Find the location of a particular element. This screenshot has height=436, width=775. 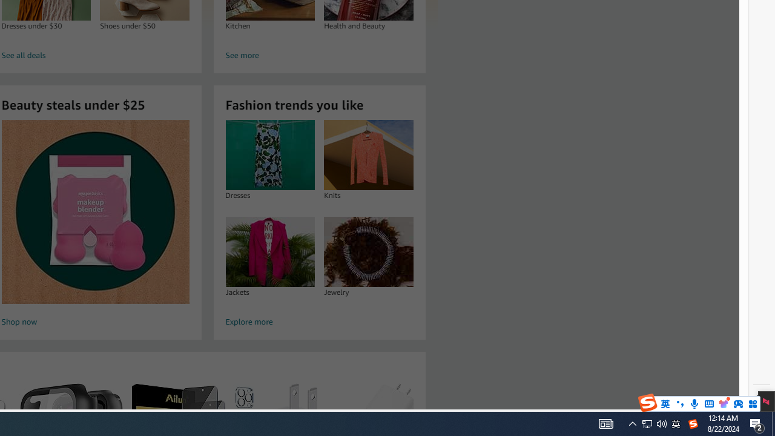

'Jackets' is located at coordinates (269, 251).